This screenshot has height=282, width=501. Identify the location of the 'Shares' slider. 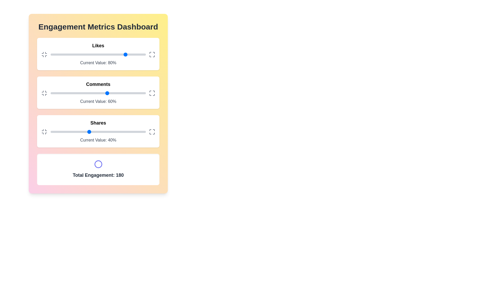
(96, 132).